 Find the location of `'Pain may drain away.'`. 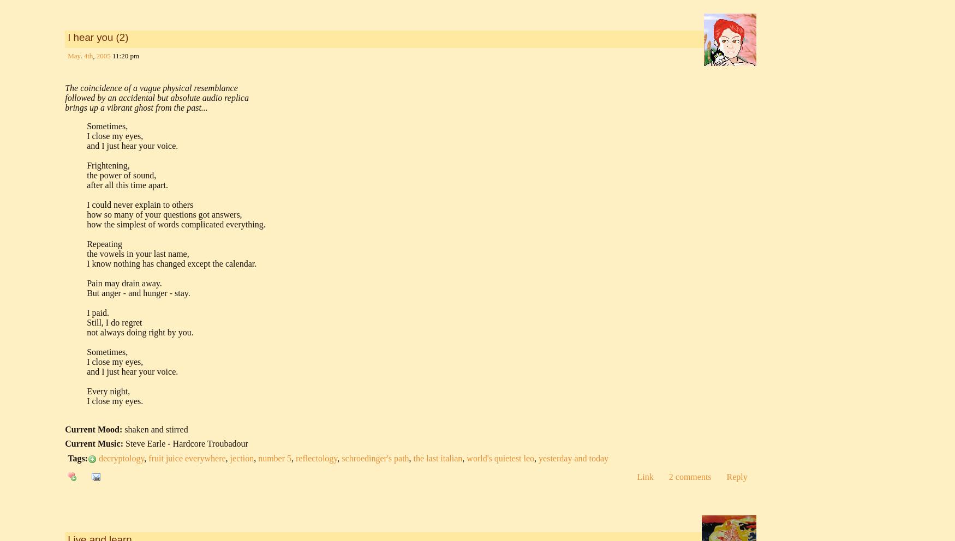

'Pain may drain away.' is located at coordinates (124, 282).